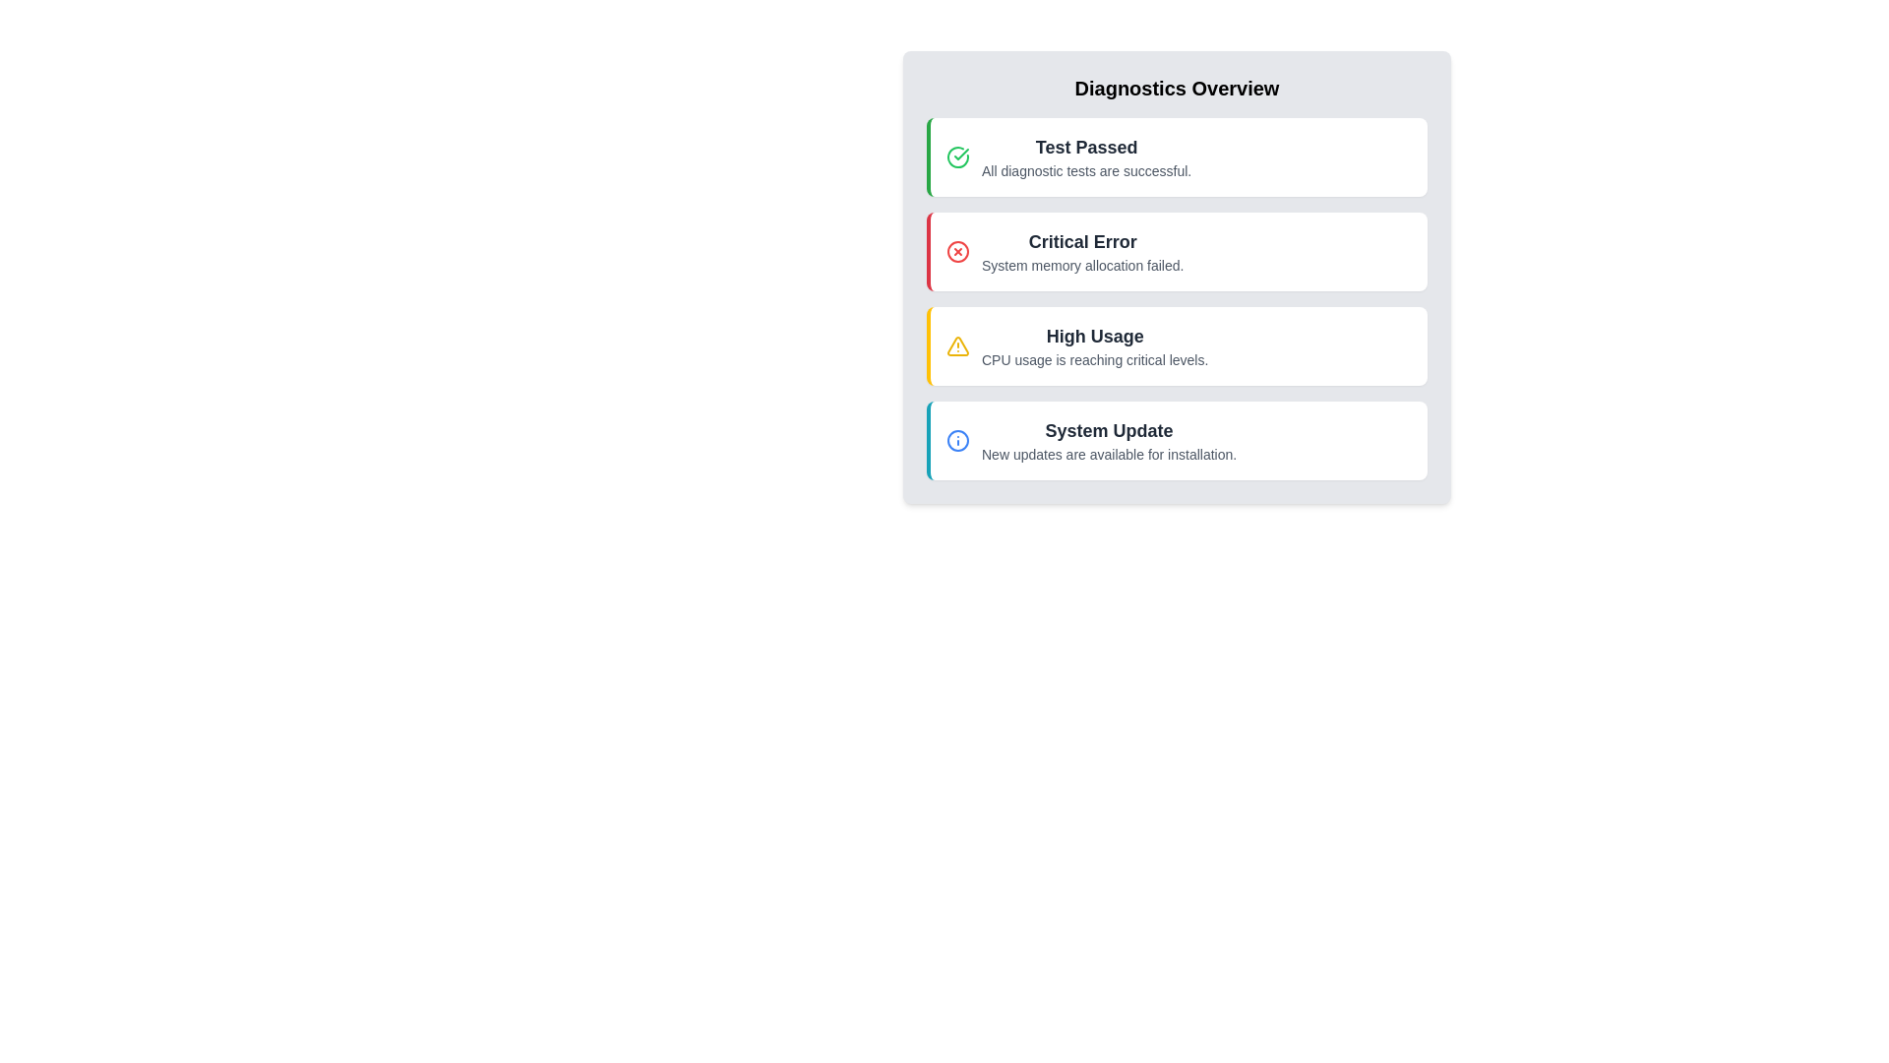 The width and height of the screenshot is (1889, 1063). Describe the element at coordinates (1081, 250) in the screenshot. I see `the textual display showing 'Critical Error' and 'System memory allocation failed' which is part of a diagnostic messages panel` at that location.